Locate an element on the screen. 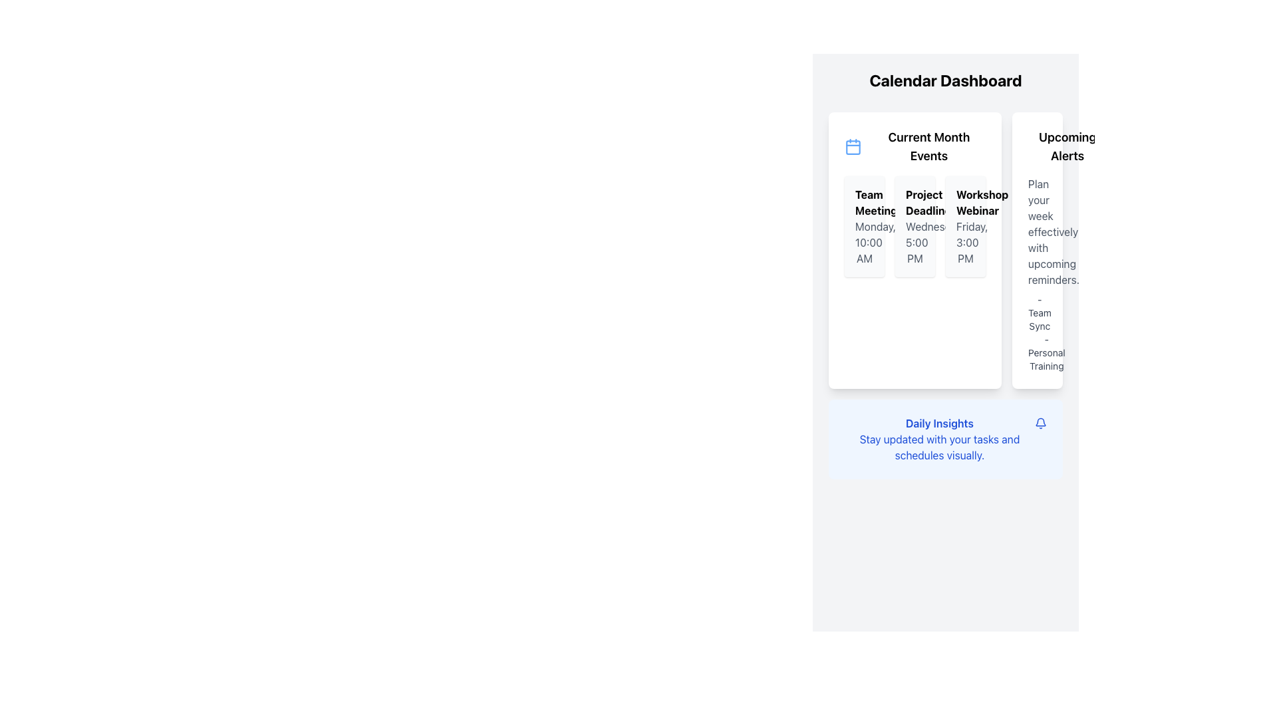 Image resolution: width=1277 pixels, height=718 pixels. the descriptive text element located beneath the 'Daily Insights' title in the footer area is located at coordinates (938, 447).